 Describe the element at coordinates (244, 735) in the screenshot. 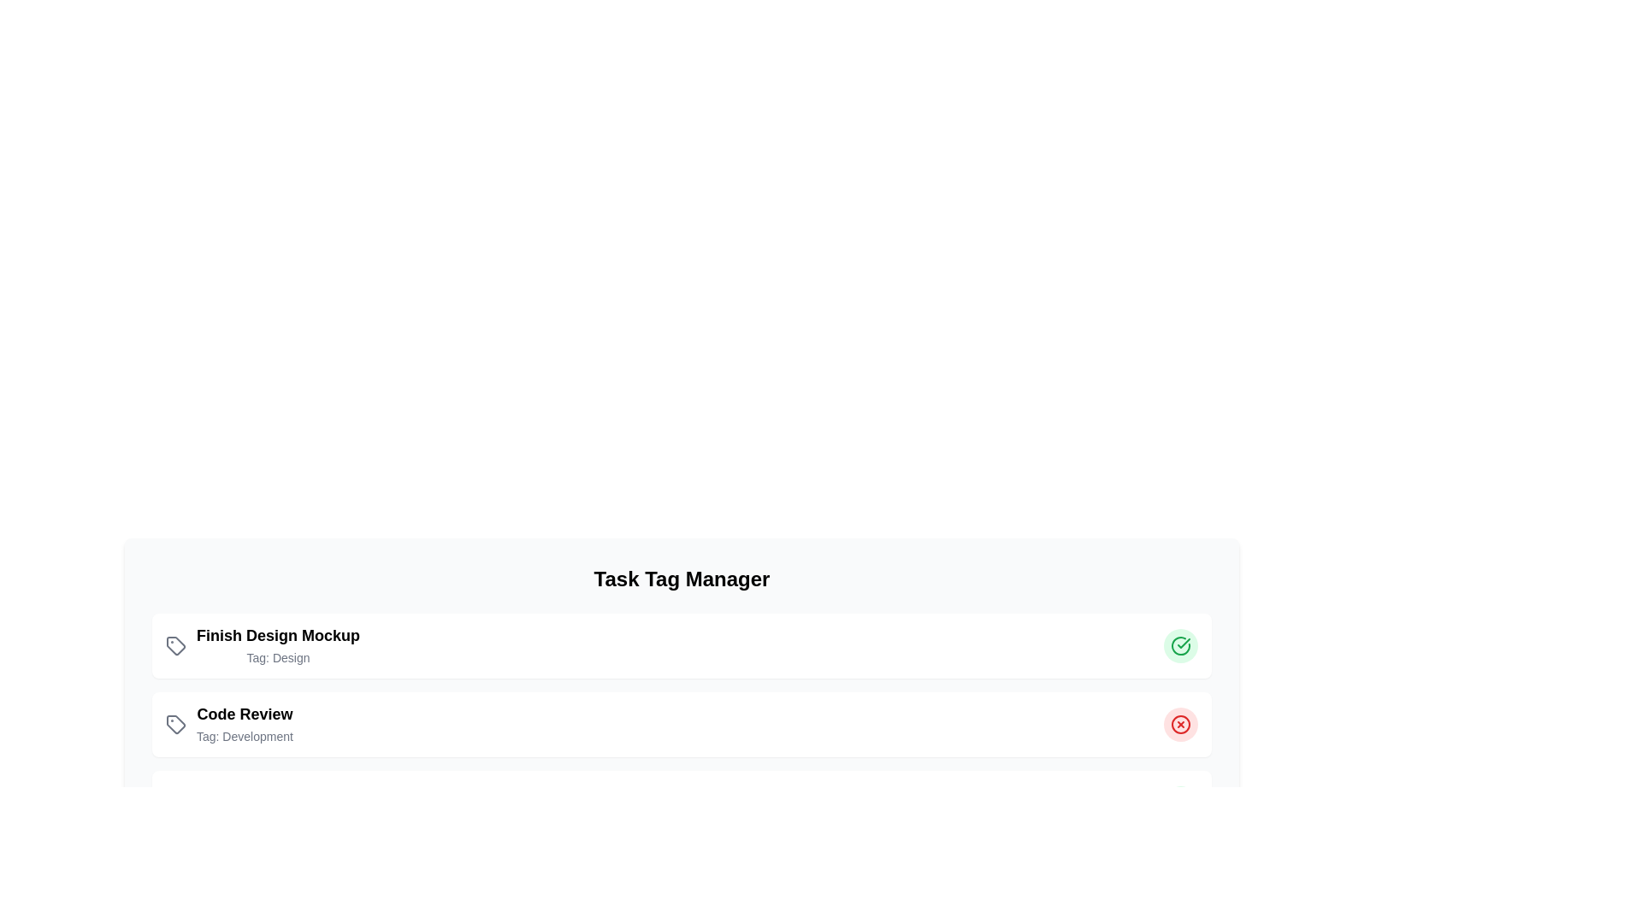

I see `the text label that presents the tag or category associated with the 'Code Review' task, located on the right side within the card layout below the title 'Code Review'` at that location.